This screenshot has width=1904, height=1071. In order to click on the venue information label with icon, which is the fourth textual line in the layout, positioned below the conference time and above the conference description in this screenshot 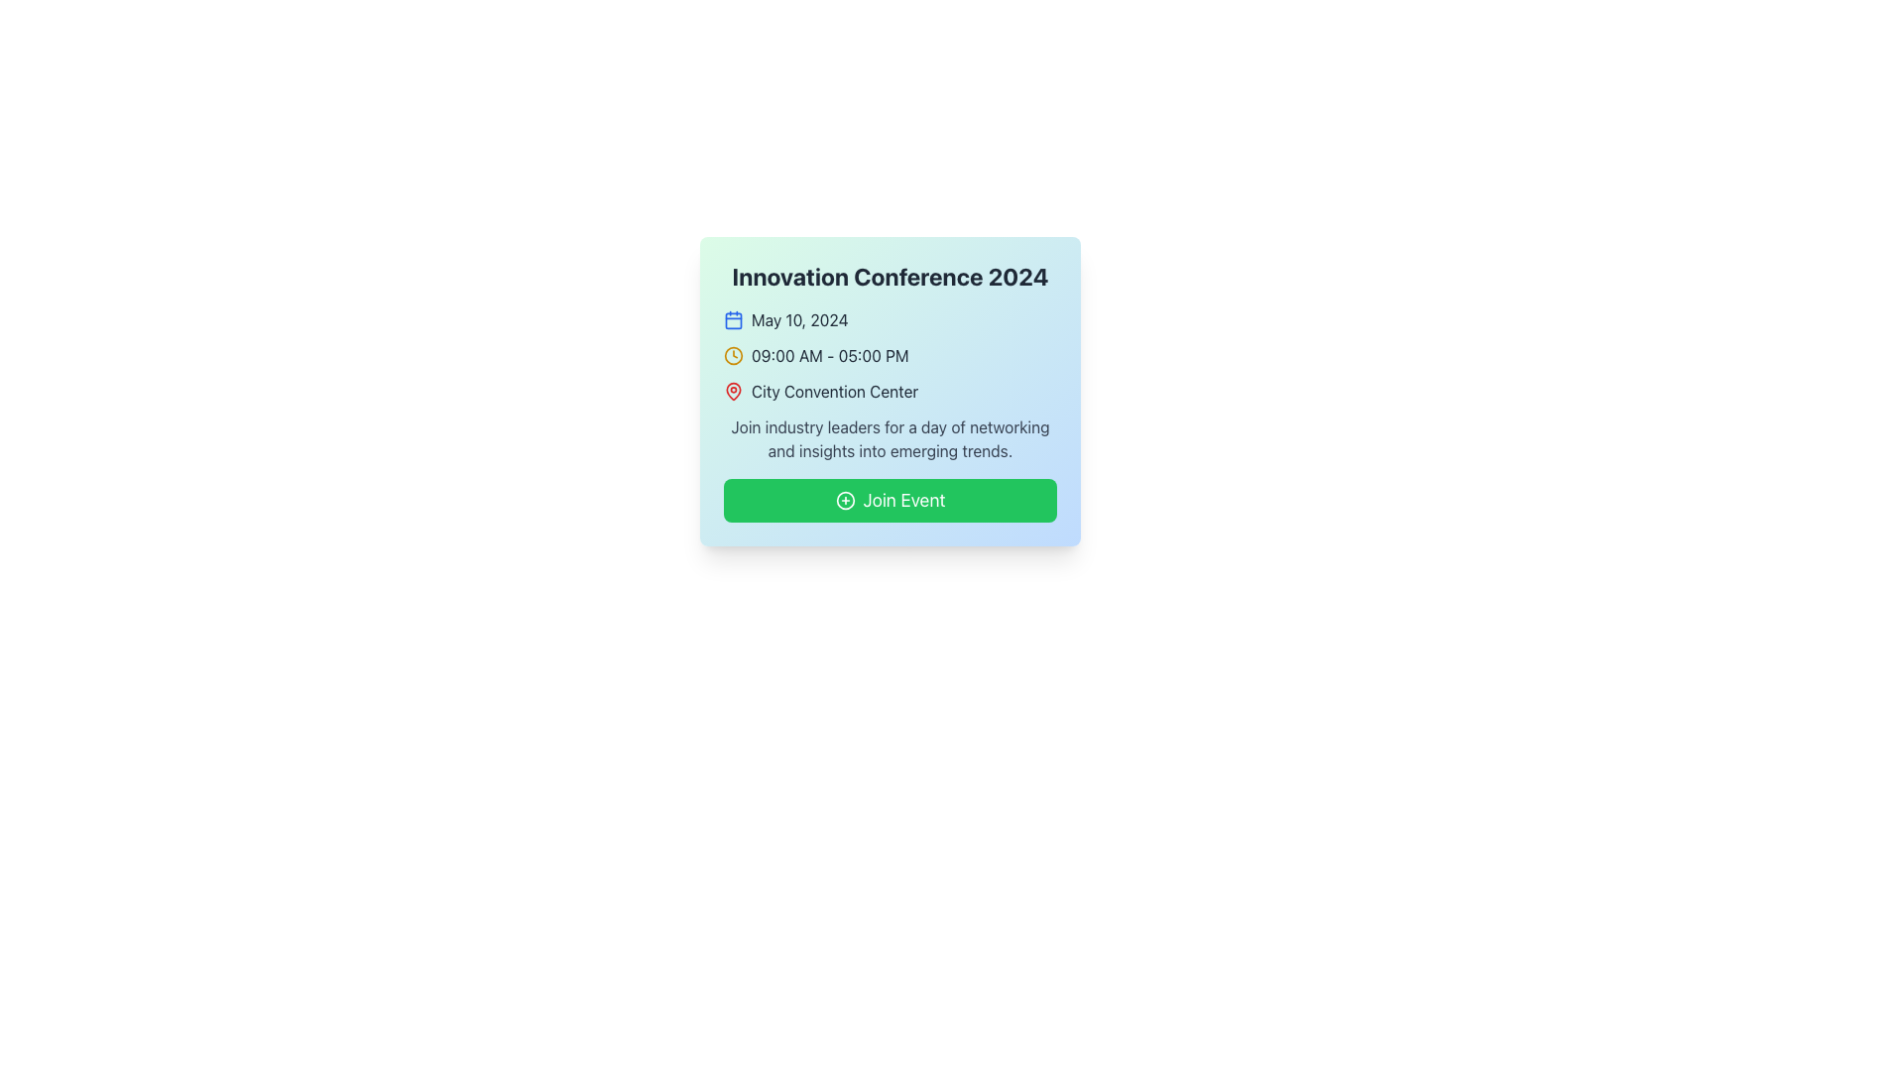, I will do `click(889, 391)`.